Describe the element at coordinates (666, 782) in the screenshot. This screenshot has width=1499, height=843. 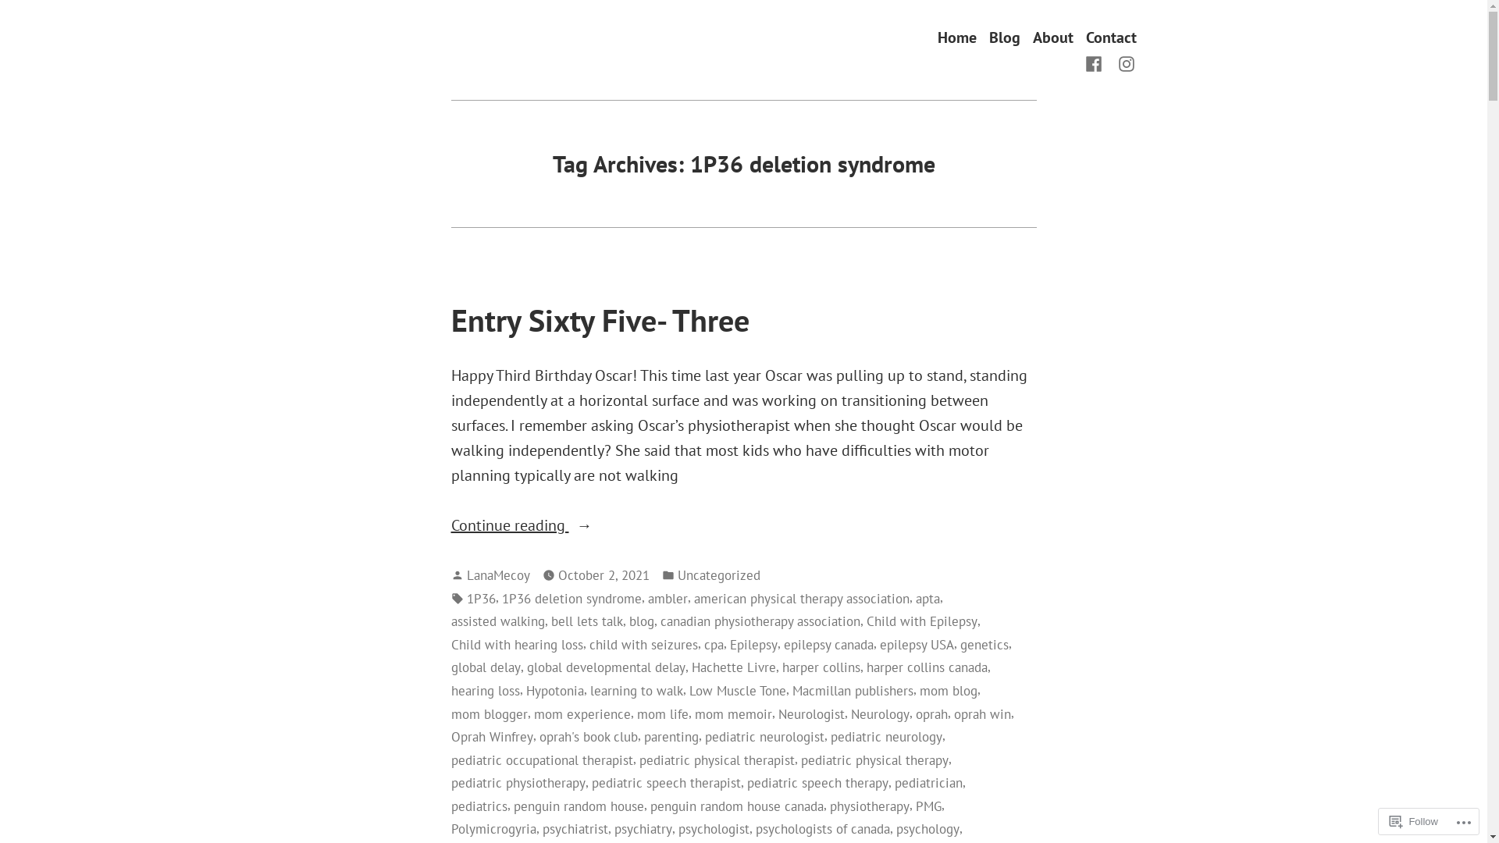
I see `'pediatric speech therapist'` at that location.